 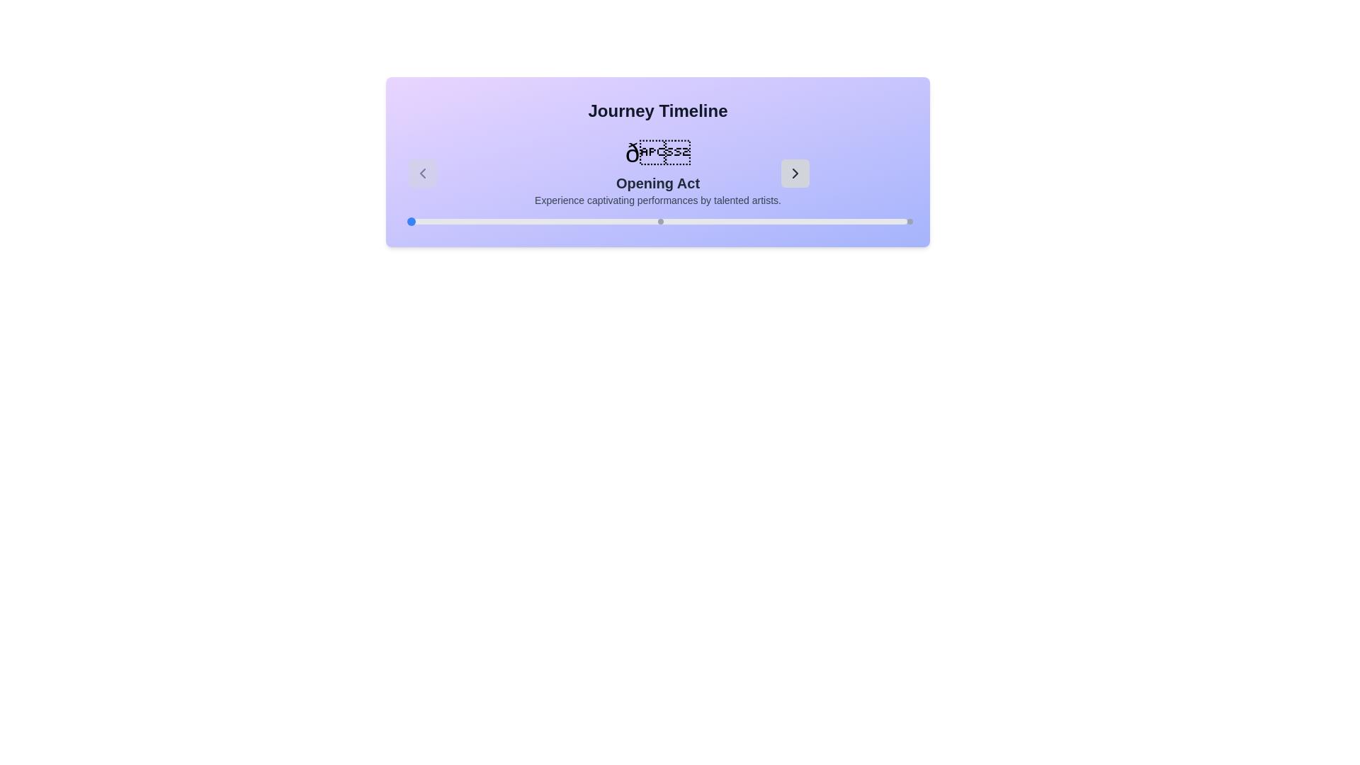 I want to click on the small, square-shaped button with rounded corners, styled in light gray and featuring a leftward-pointing chevron icon, so click(x=421, y=173).